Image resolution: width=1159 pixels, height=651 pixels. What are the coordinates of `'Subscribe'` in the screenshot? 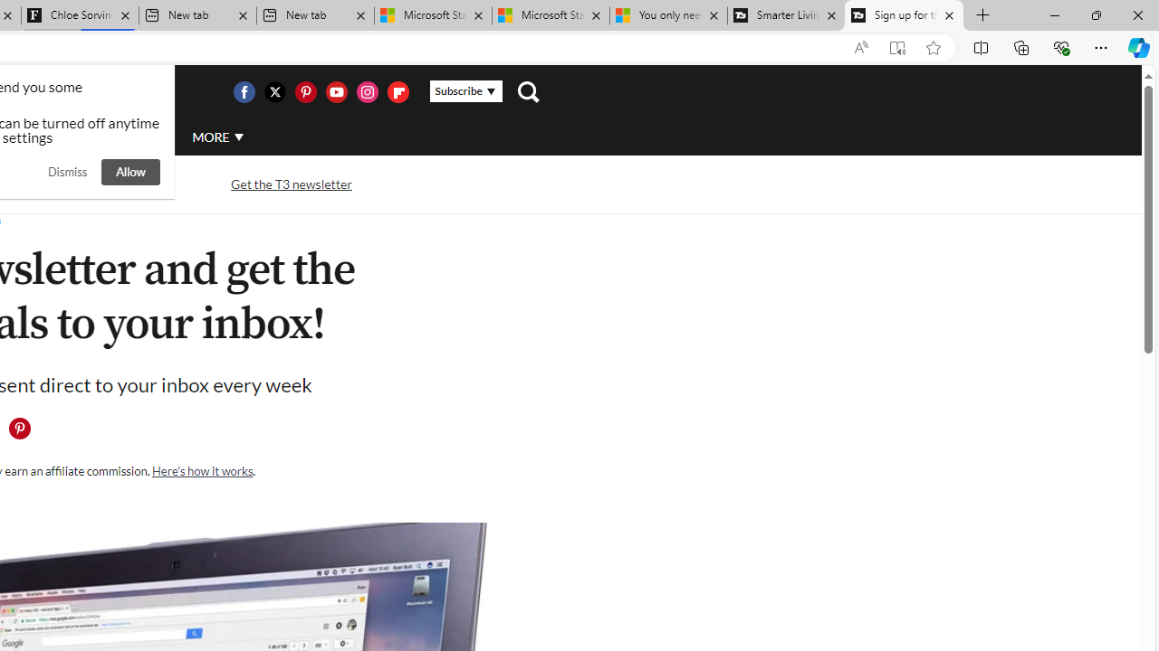 It's located at (465, 91).